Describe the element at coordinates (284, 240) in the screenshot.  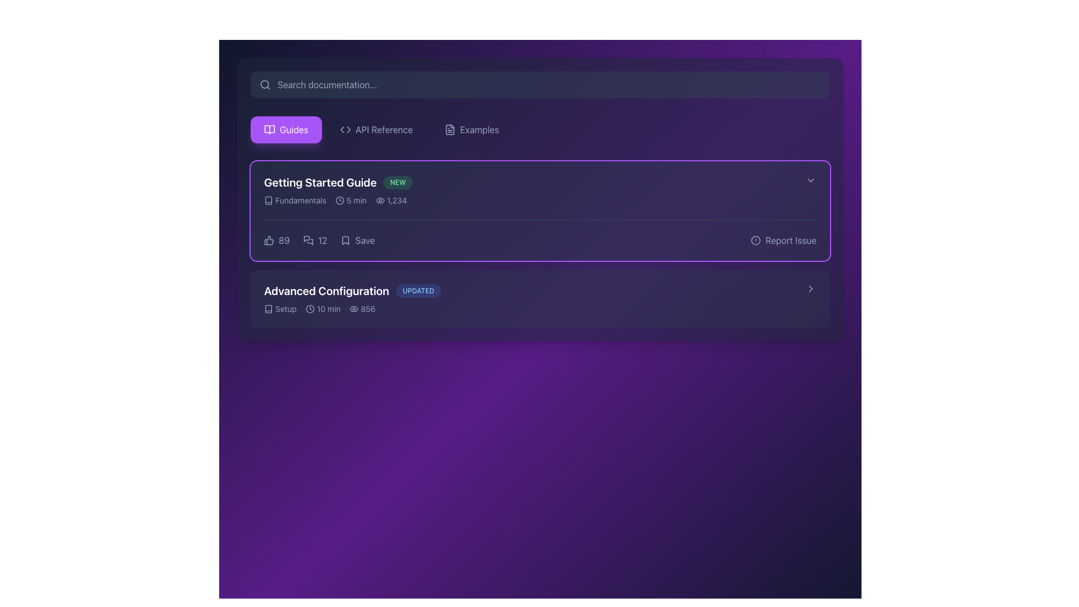
I see `the static text display that represents the count of likes or approvals for the 'Getting Started Guide' section, located to the right of the thumbs-up icon` at that location.